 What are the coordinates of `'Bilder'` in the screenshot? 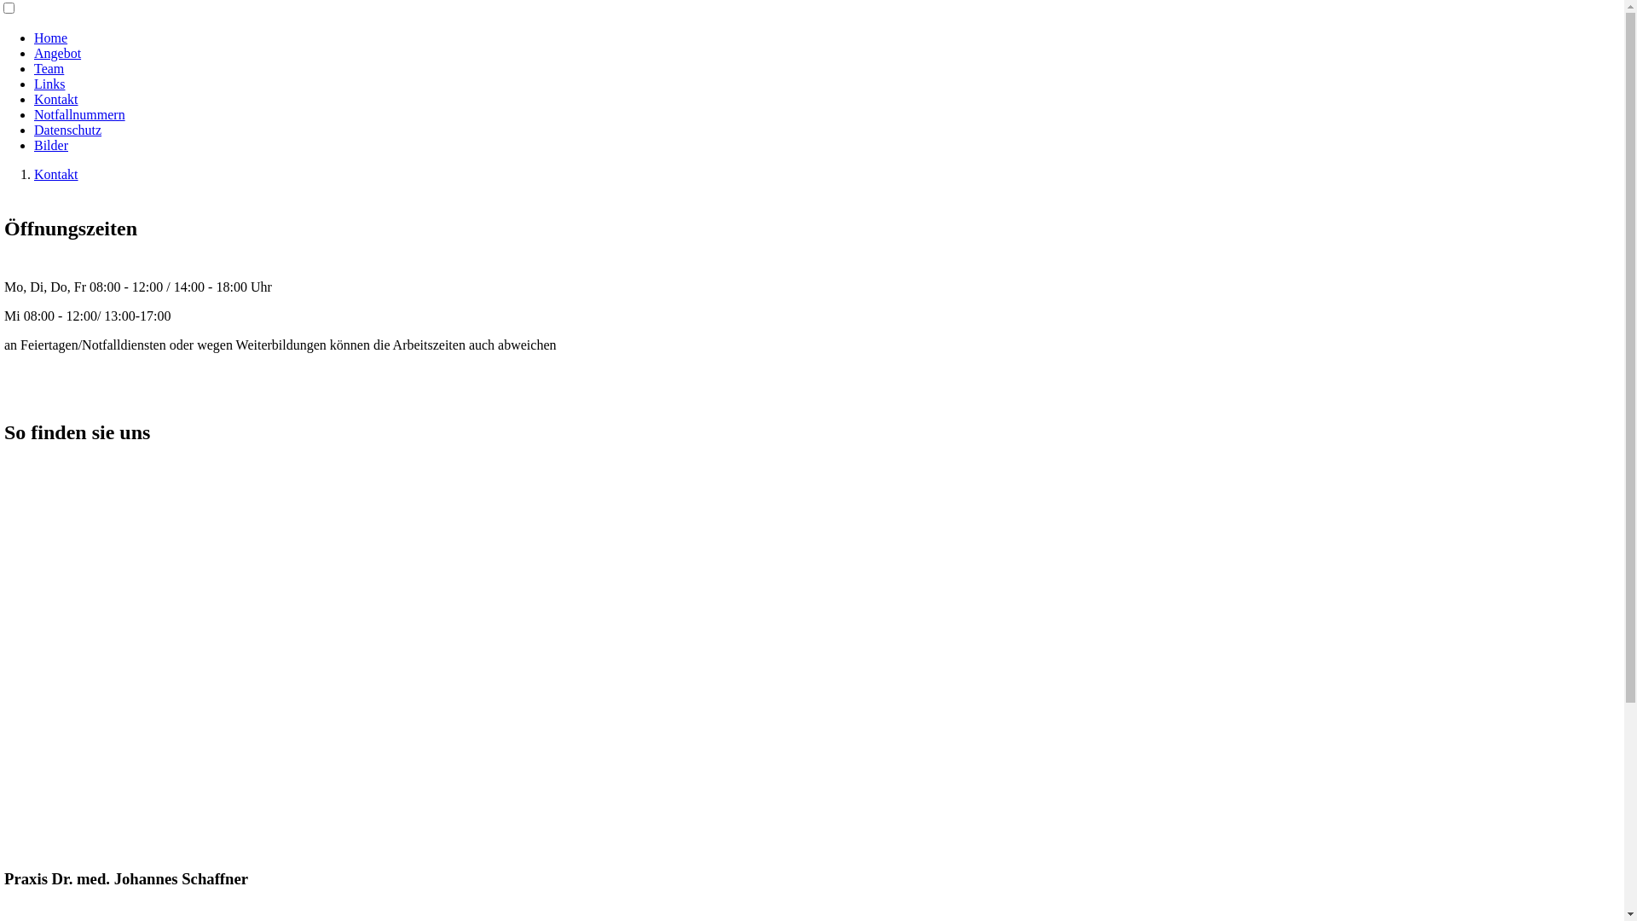 It's located at (50, 144).